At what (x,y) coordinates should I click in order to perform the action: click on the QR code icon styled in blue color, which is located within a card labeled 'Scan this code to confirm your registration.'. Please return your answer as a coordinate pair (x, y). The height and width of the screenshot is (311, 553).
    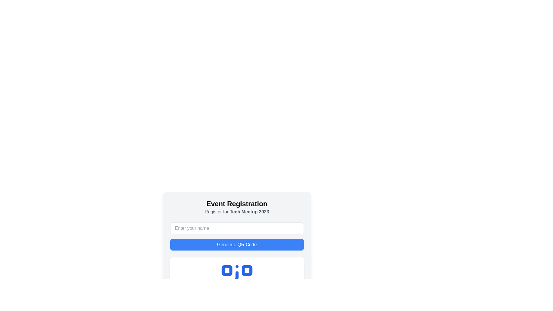
    Looking at the image, I should click on (237, 280).